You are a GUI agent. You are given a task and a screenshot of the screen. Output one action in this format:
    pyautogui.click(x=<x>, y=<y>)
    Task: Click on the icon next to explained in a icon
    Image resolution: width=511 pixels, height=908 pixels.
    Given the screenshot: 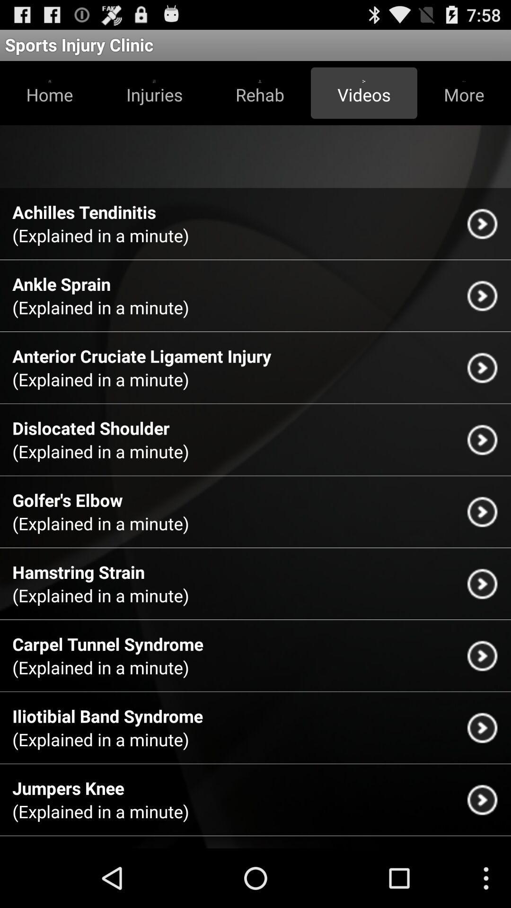 What is the action you would take?
    pyautogui.click(x=482, y=223)
    